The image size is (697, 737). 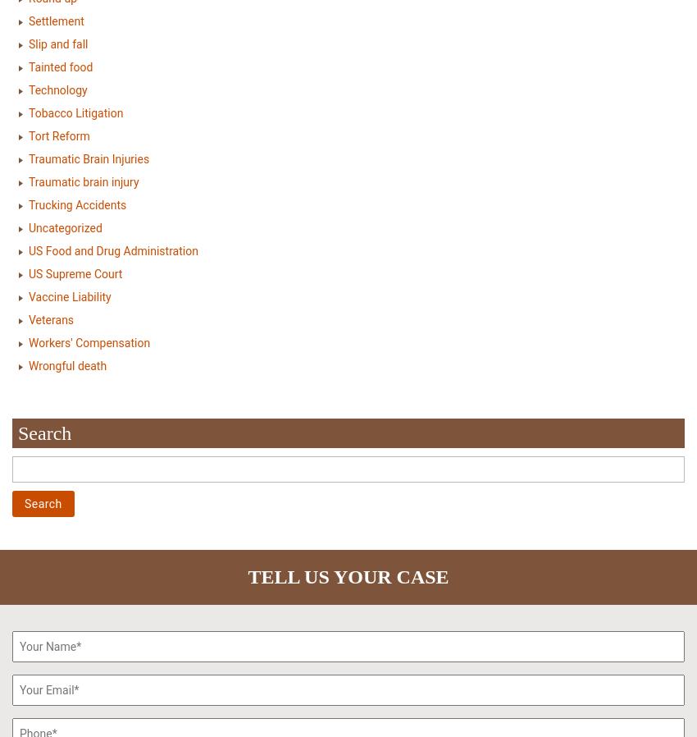 What do you see at coordinates (28, 89) in the screenshot?
I see `'Technology'` at bounding box center [28, 89].